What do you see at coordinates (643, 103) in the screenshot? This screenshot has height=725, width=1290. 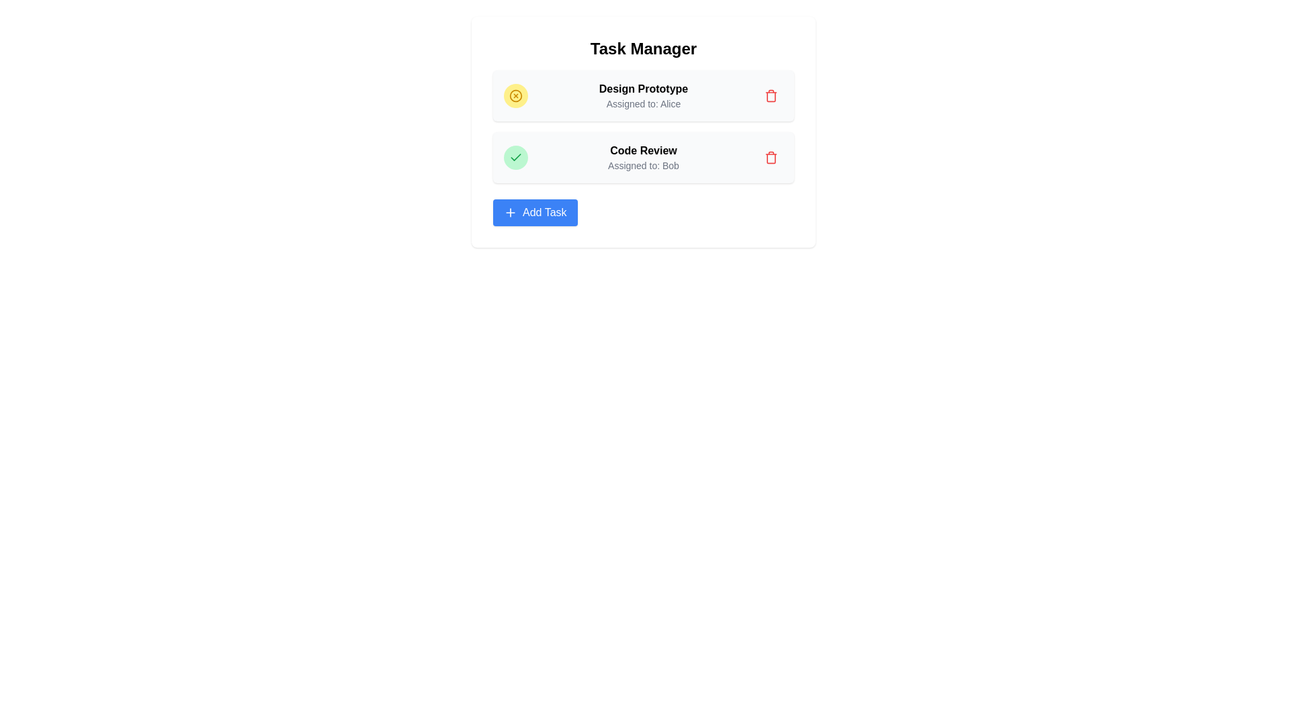 I see `the text label indicating the current assignee of the task titled 'Design Prototype', which is located directly below the task title and spans horizontally across the box` at bounding box center [643, 103].